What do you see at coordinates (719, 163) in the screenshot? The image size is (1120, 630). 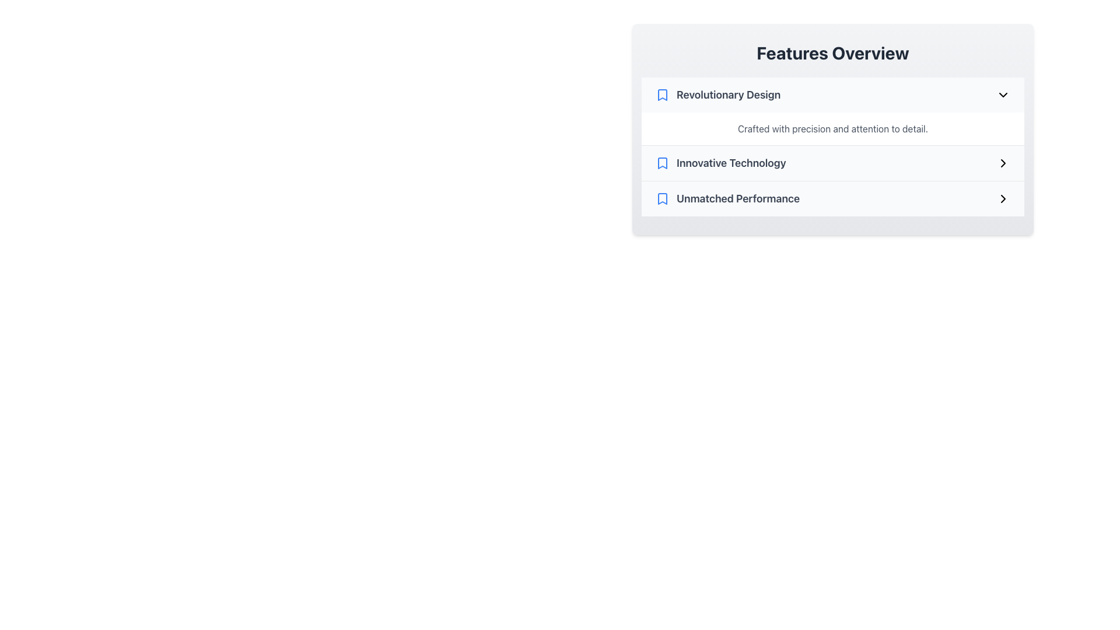 I see `the second entry labeled 'Innovative Technology' in the 'Features Overview' section` at bounding box center [719, 163].